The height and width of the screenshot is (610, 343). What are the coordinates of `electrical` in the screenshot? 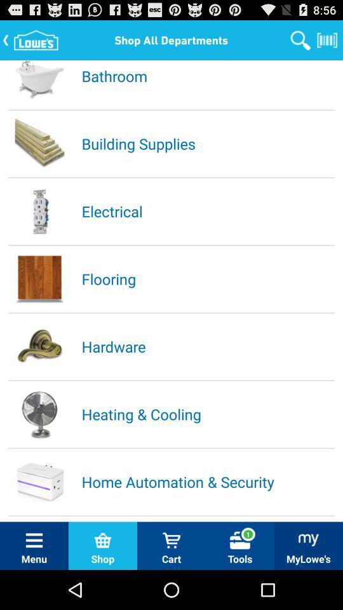 It's located at (207, 211).